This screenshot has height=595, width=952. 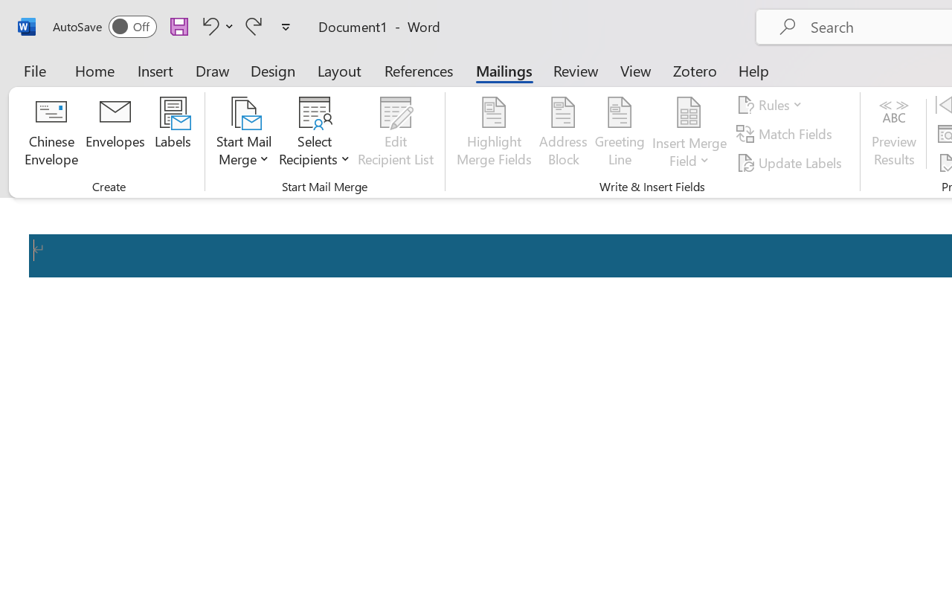 I want to click on 'Insert Merge Field', so click(x=689, y=112).